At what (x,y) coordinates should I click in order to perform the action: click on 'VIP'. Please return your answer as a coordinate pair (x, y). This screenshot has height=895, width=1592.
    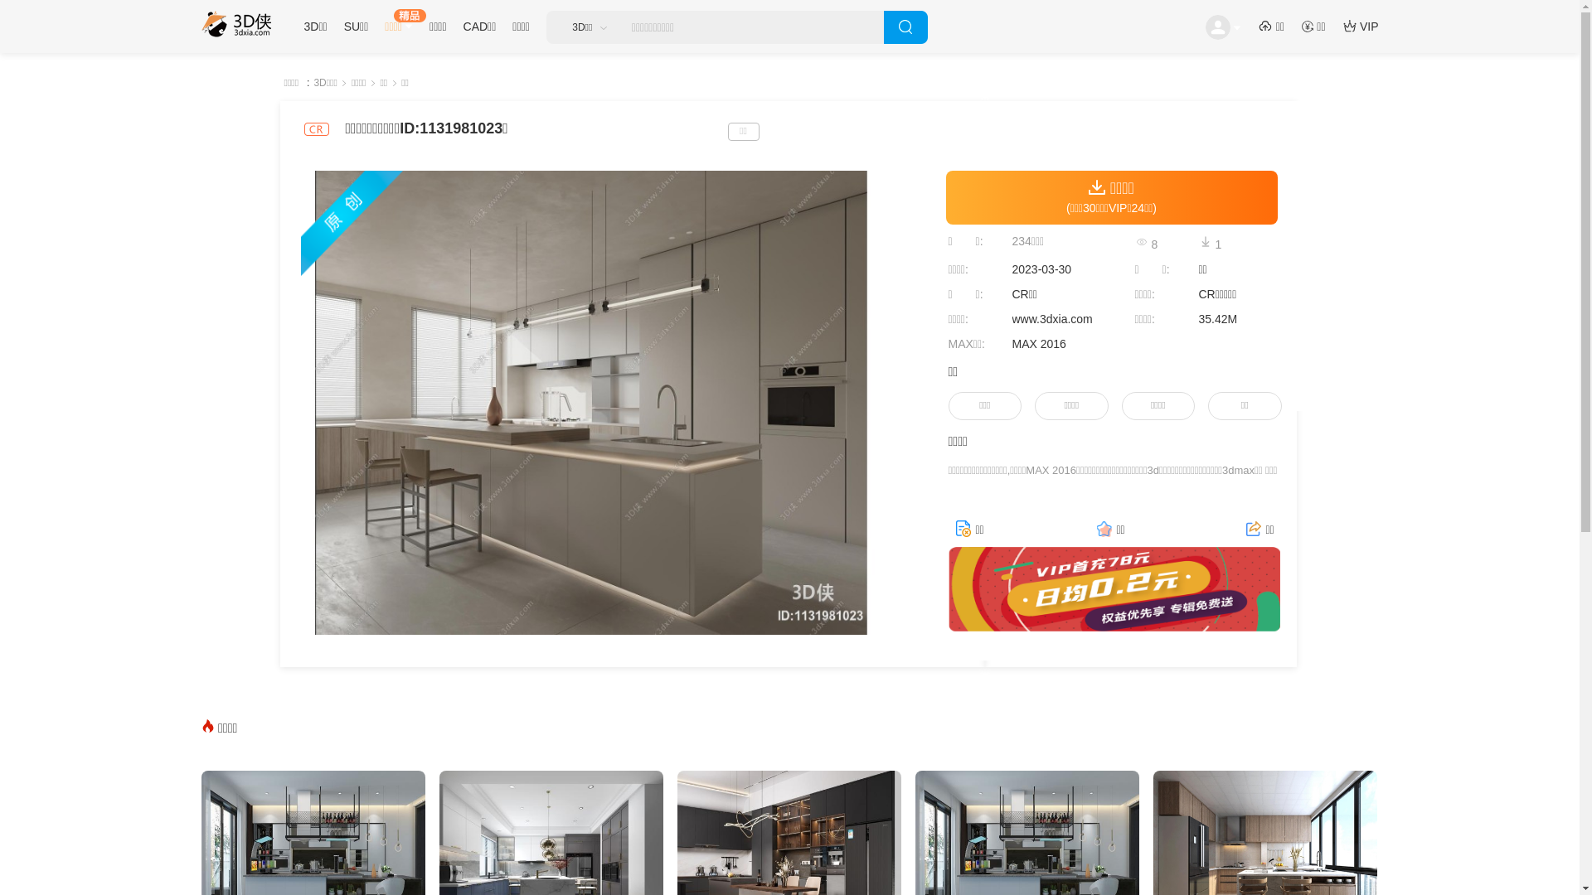
    Looking at the image, I should click on (1360, 26).